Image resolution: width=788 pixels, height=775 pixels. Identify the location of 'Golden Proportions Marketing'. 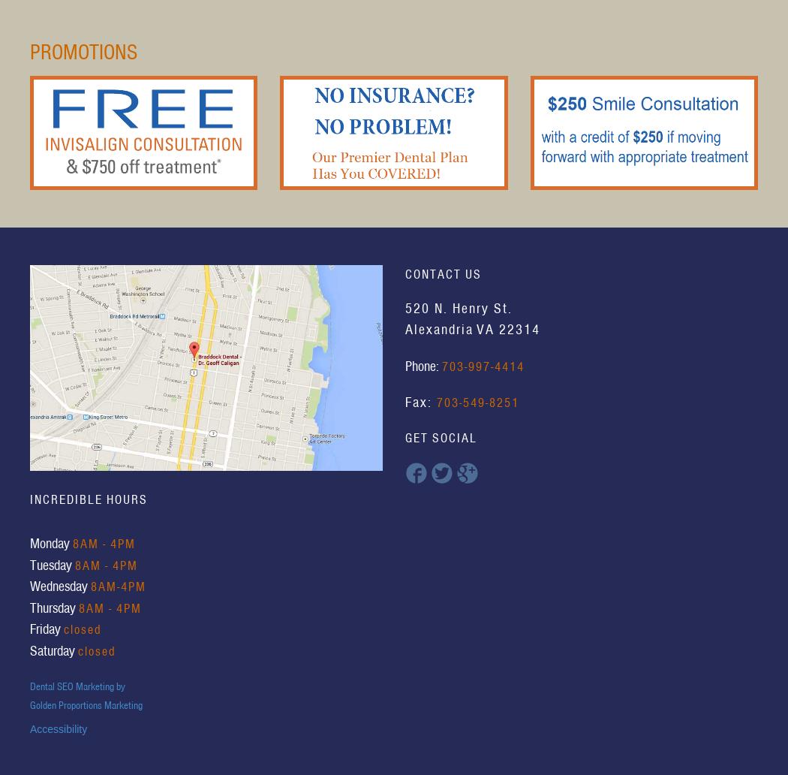
(29, 703).